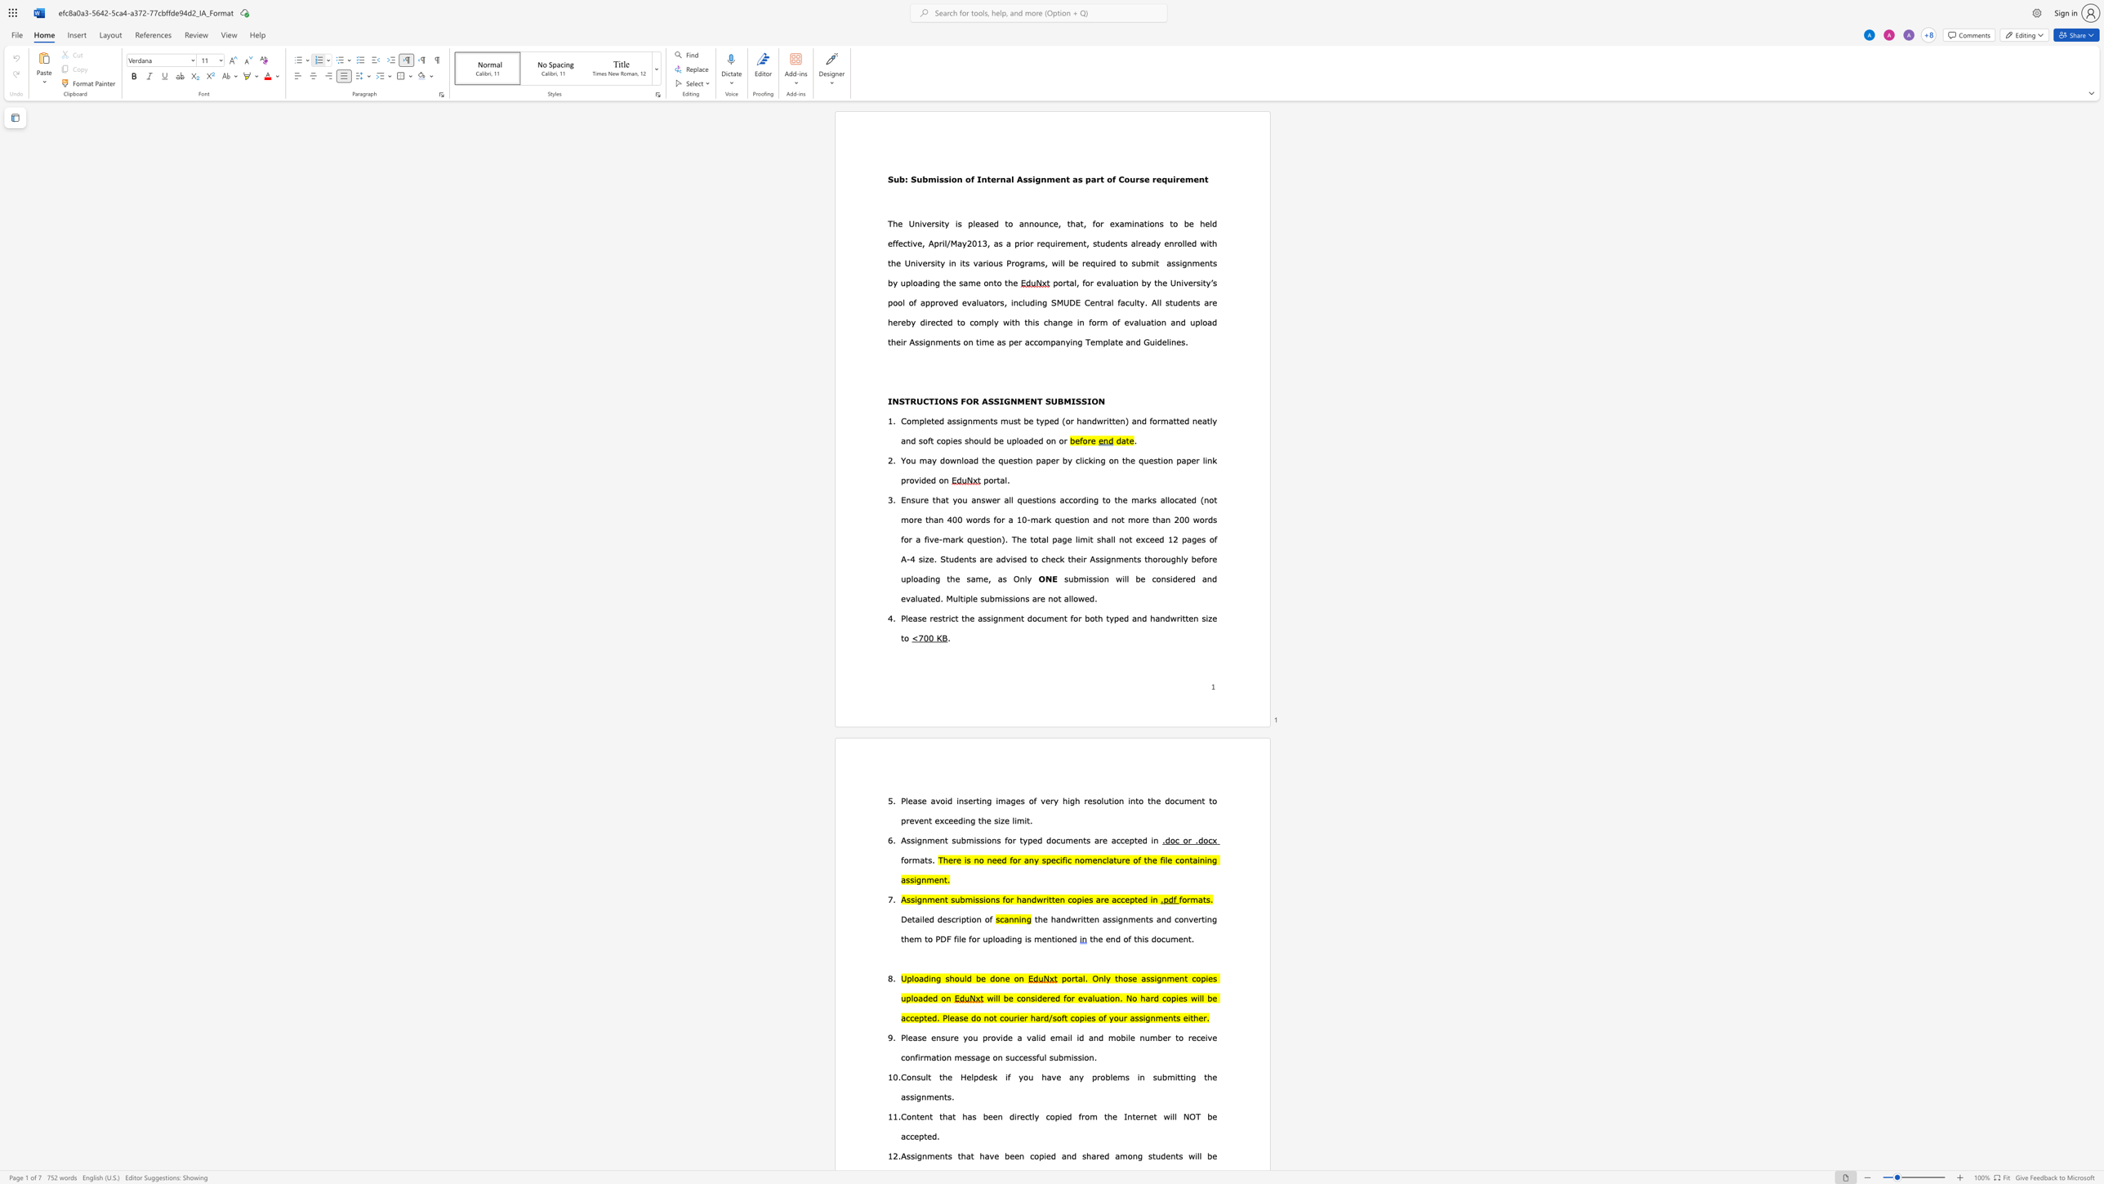 The height and width of the screenshot is (1184, 2104). I want to click on the space between the continuous character "e" and "n" in the text, so click(938, 839).